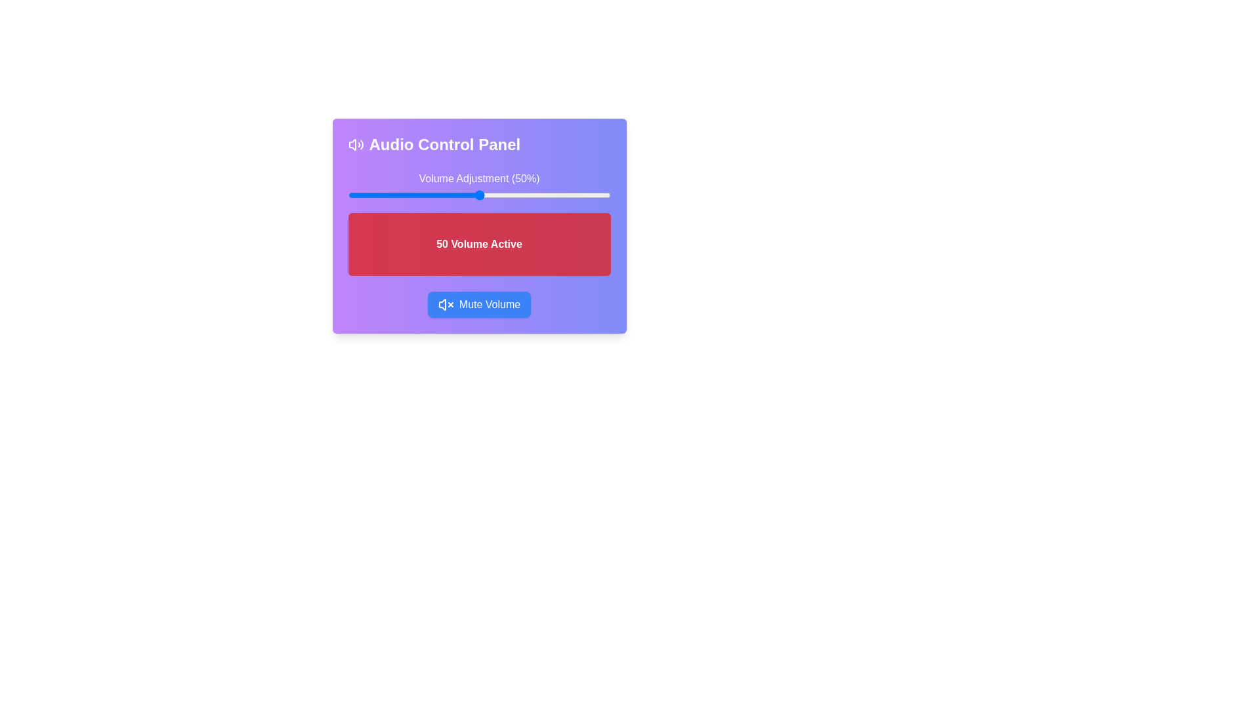  I want to click on 'Mute Volume' button, so click(478, 305).